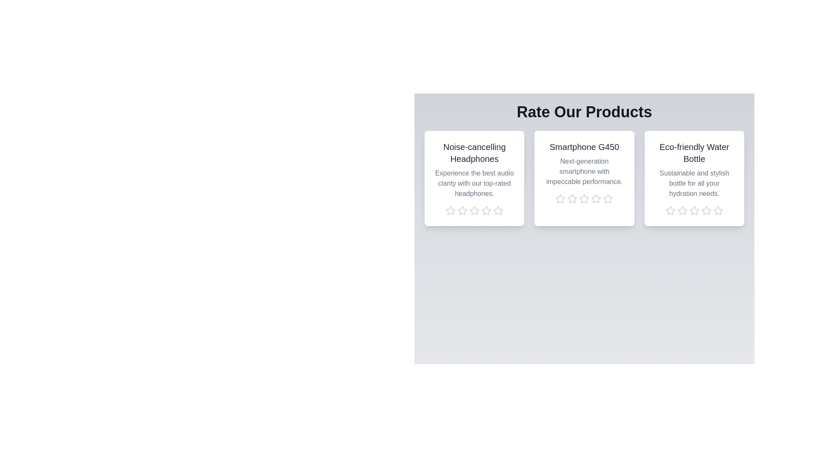  Describe the element at coordinates (474, 210) in the screenshot. I see `the rating of the product 'Noise-cancelling Headphones' to 3 stars` at that location.